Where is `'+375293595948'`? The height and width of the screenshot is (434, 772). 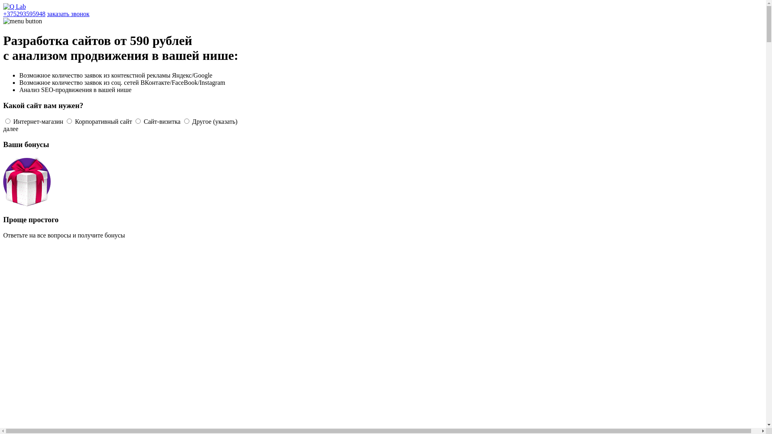 '+375293595948' is located at coordinates (24, 14).